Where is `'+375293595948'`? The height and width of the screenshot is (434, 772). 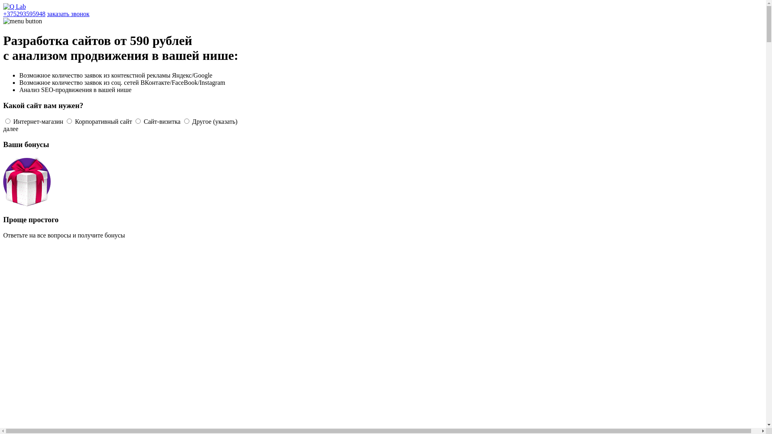 '+375293595948' is located at coordinates (24, 14).